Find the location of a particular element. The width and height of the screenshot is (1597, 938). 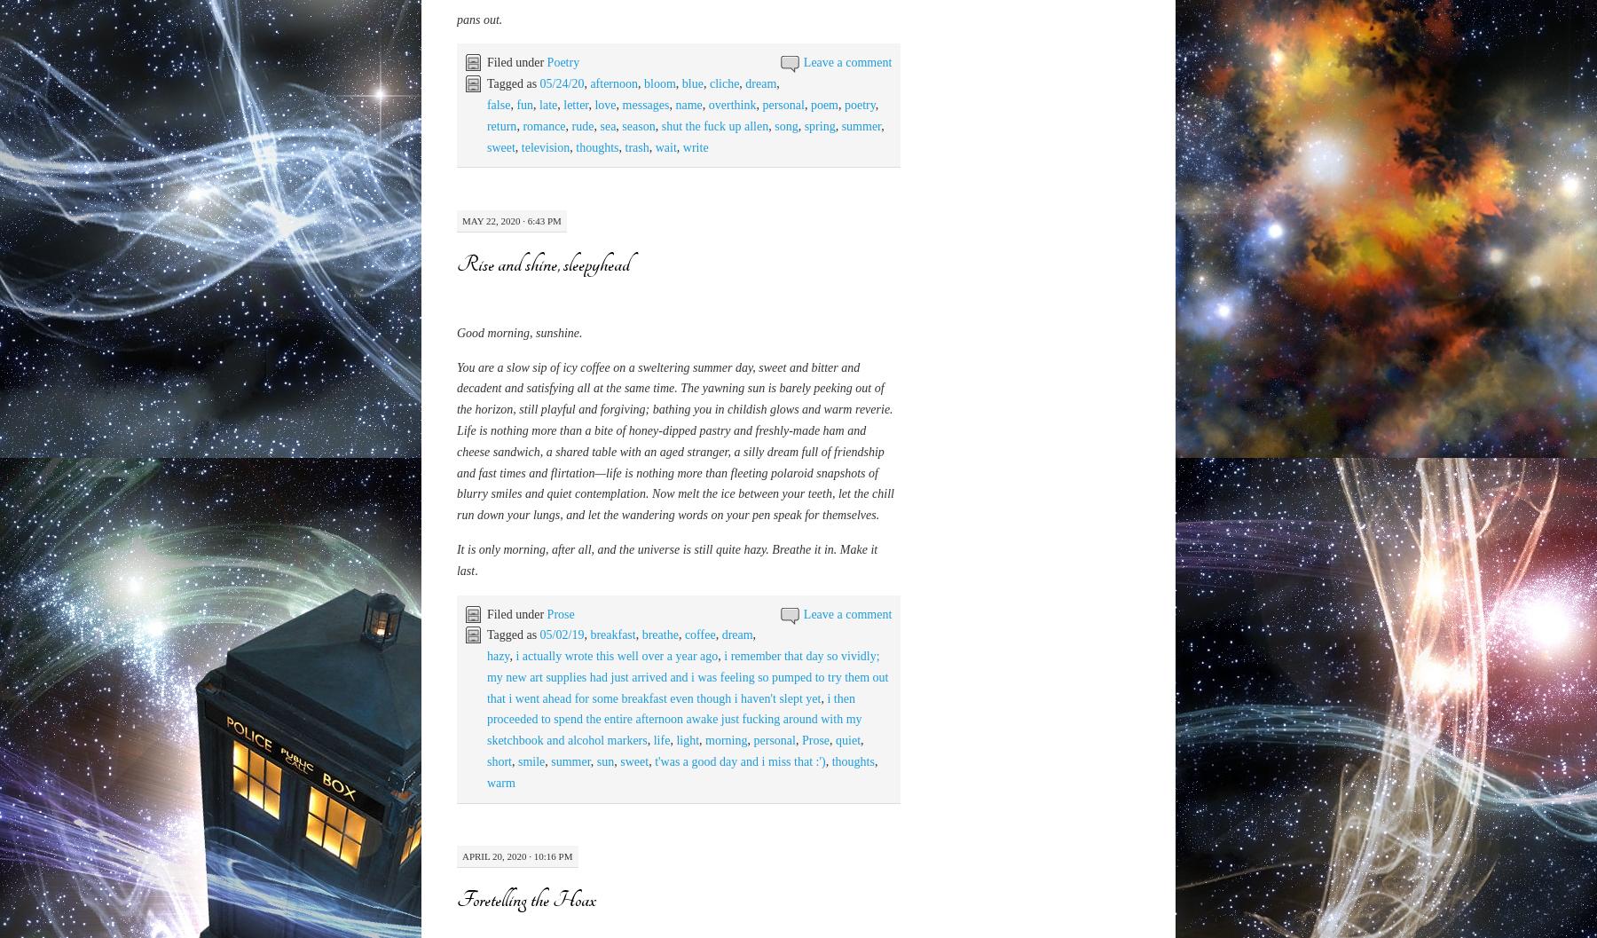

'bloom' is located at coordinates (658, 801).